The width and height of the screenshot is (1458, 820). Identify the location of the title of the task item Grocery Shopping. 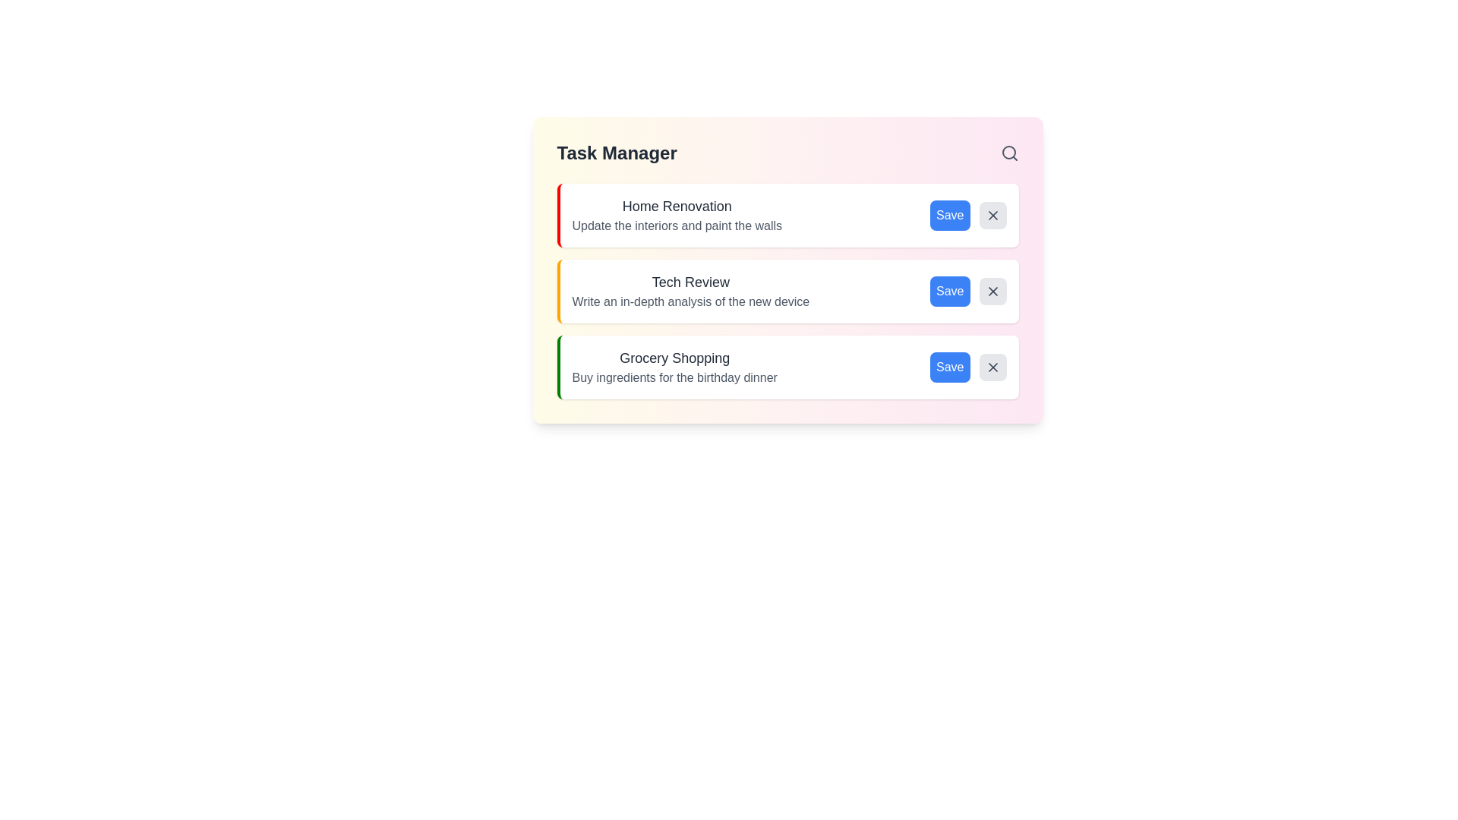
(674, 358).